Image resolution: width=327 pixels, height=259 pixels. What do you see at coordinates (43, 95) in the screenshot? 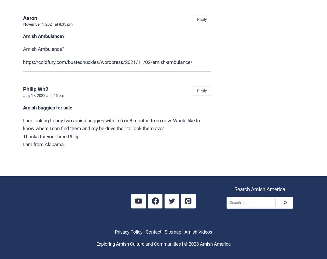
I see `'July 17, 2022 at 2:46 pm'` at bounding box center [43, 95].